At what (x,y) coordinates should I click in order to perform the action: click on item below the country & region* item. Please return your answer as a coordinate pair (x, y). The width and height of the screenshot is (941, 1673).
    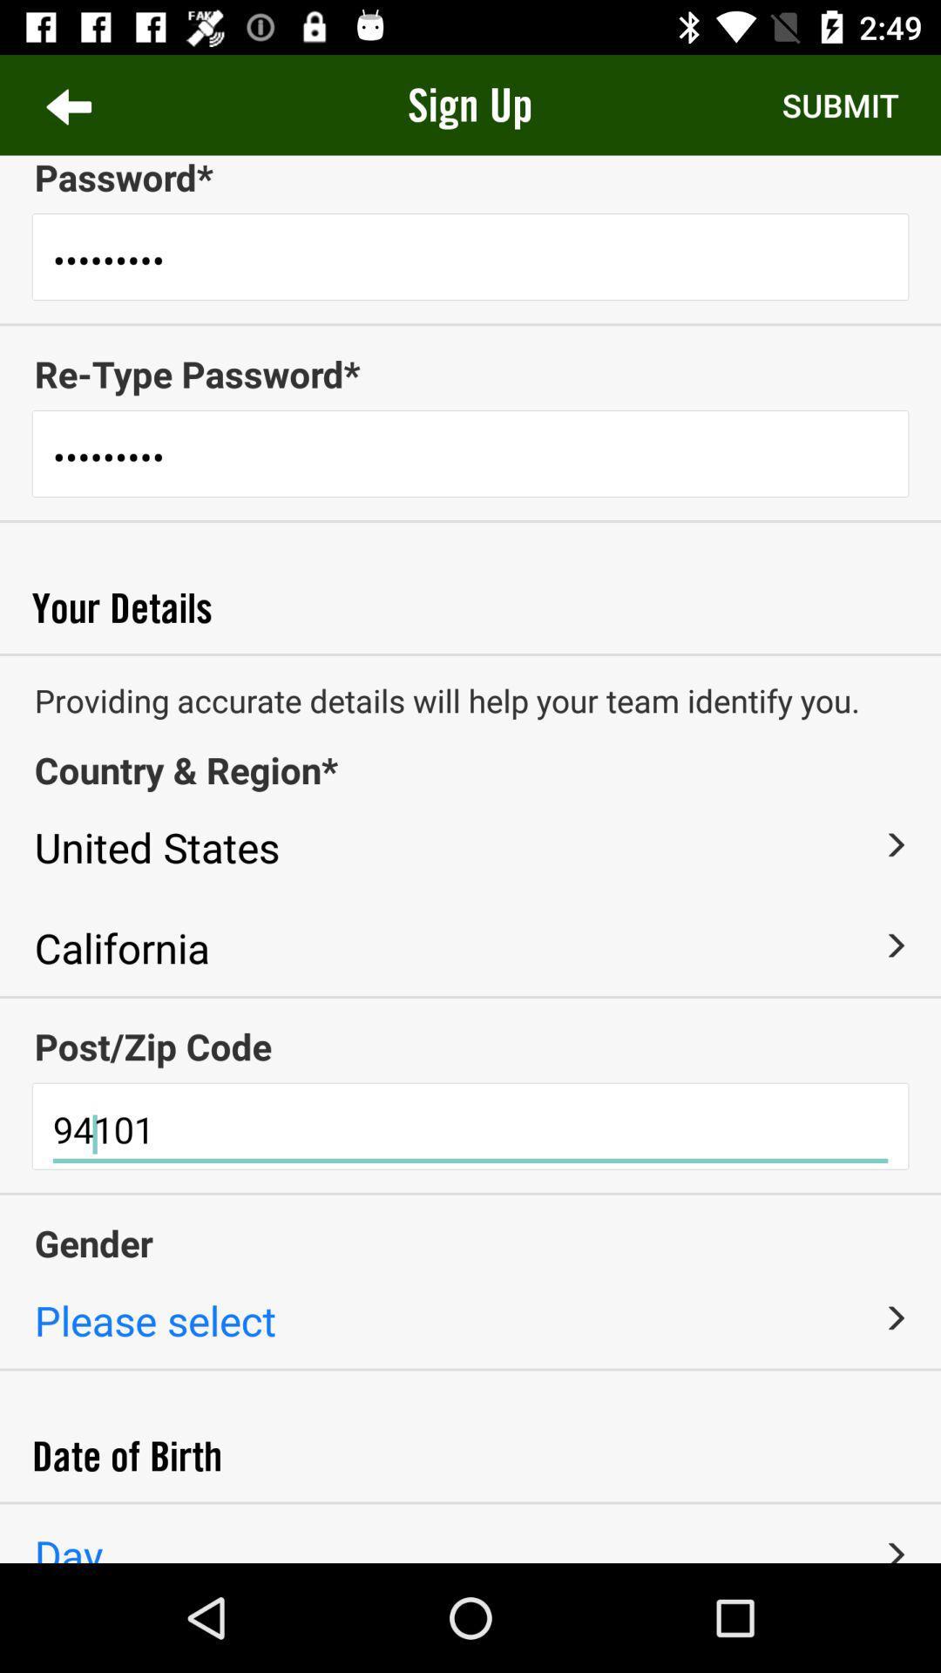
    Looking at the image, I should click on (895, 844).